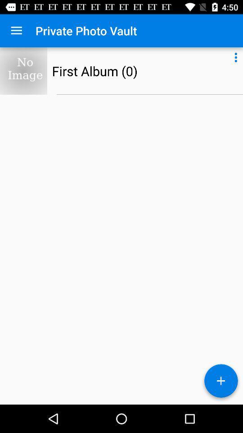 The width and height of the screenshot is (243, 433). Describe the element at coordinates (220, 382) in the screenshot. I see `album` at that location.